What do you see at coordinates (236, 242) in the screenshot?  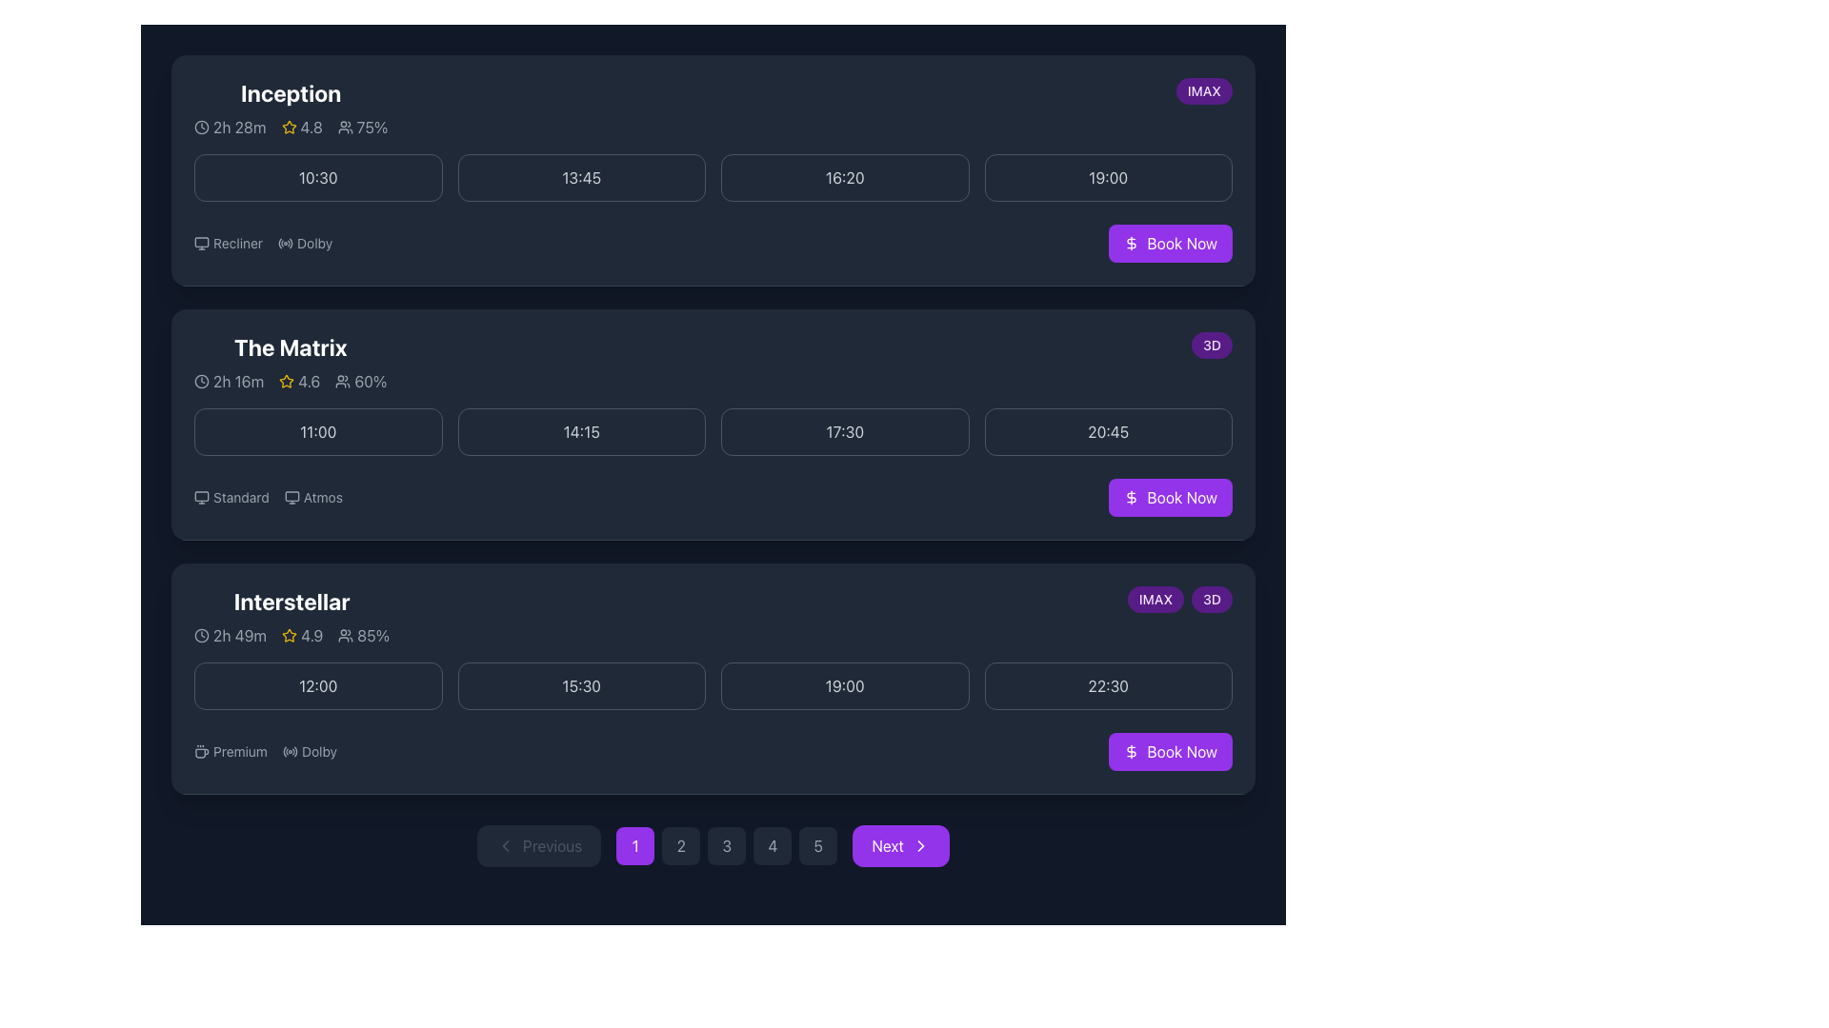 I see `the static text label indicating the seating arrangement option 'Recliner', located below the film title and runtime information of the 'Inception' panel, in the upper-central region of the interface` at bounding box center [236, 242].